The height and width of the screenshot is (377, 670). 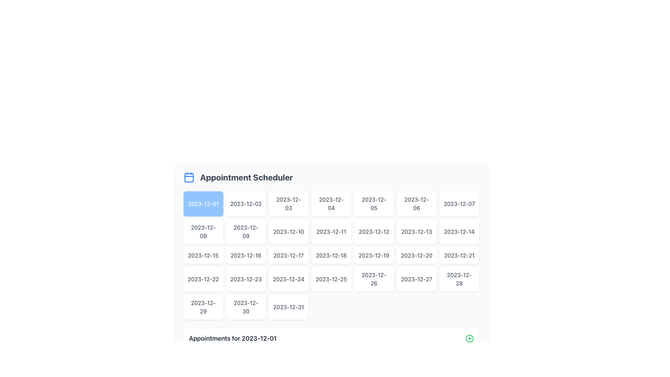 What do you see at coordinates (289, 279) in the screenshot?
I see `the date selection button for December 24, 2023 in the calendar interface` at bounding box center [289, 279].